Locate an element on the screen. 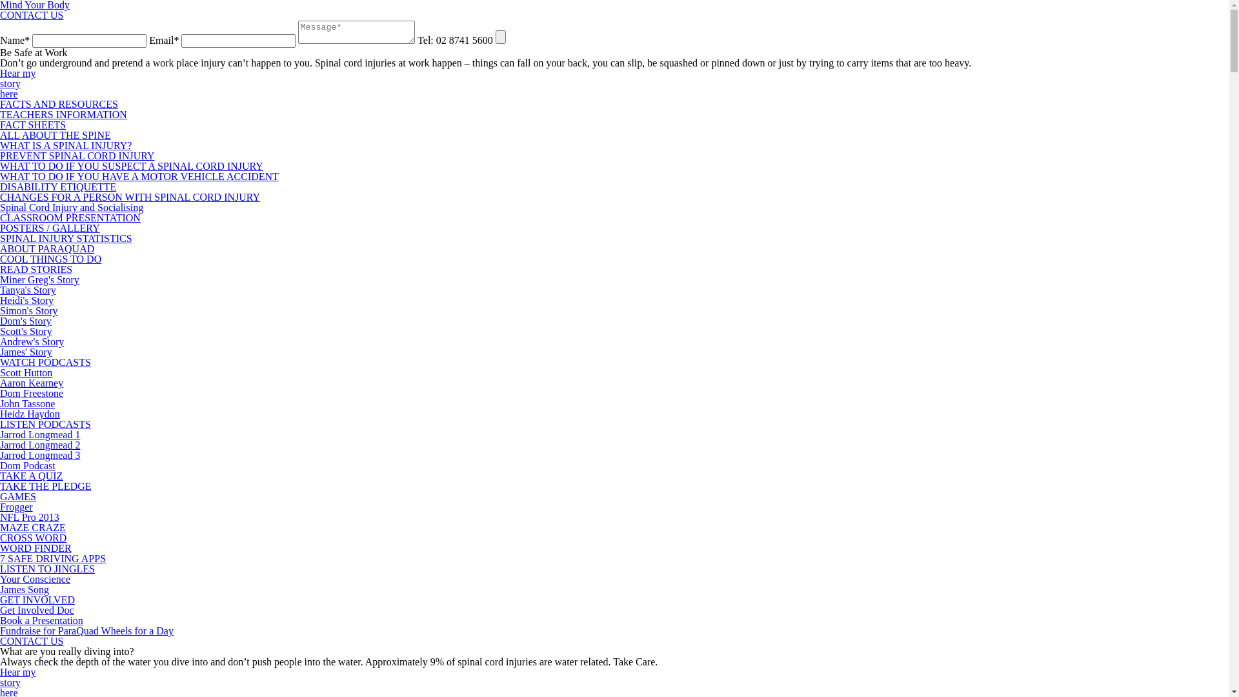 The image size is (1239, 697). 'GET INVOLVED' is located at coordinates (0, 600).